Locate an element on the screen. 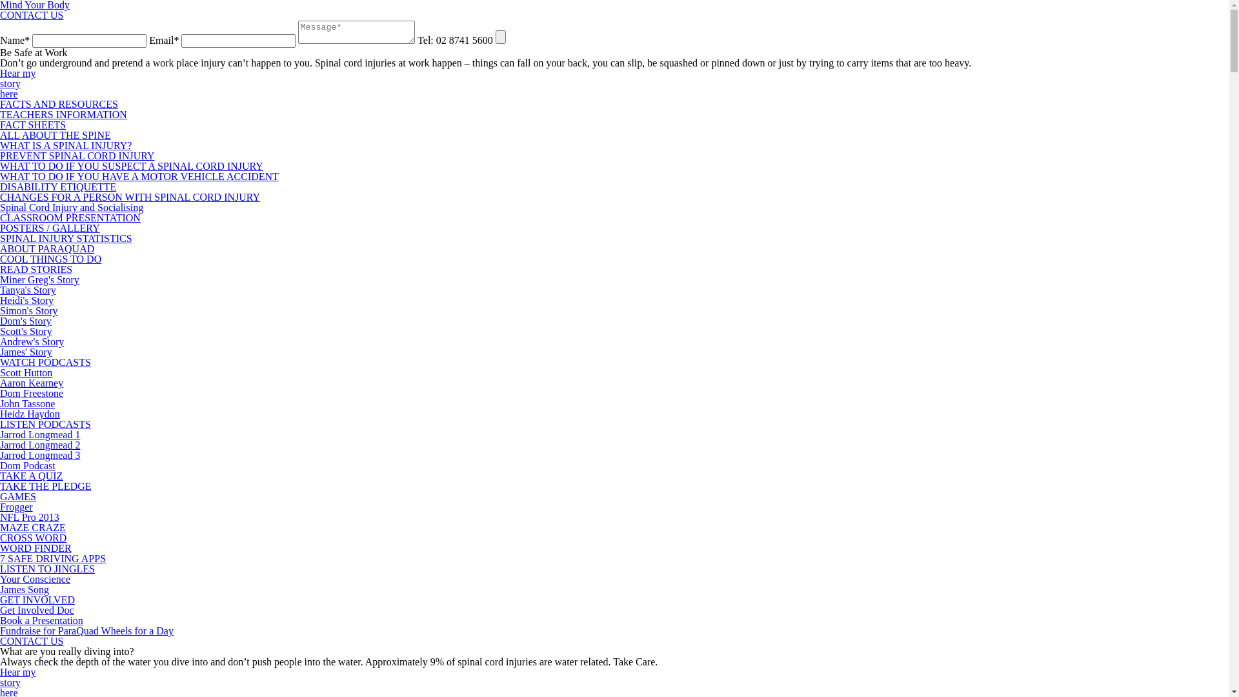 The image size is (1239, 697). 'GET INVOLVED' is located at coordinates (0, 600).